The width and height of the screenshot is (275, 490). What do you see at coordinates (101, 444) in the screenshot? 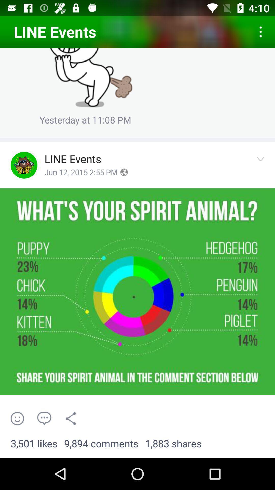
I see `icon to the left of the 1,883 shares item` at bounding box center [101, 444].